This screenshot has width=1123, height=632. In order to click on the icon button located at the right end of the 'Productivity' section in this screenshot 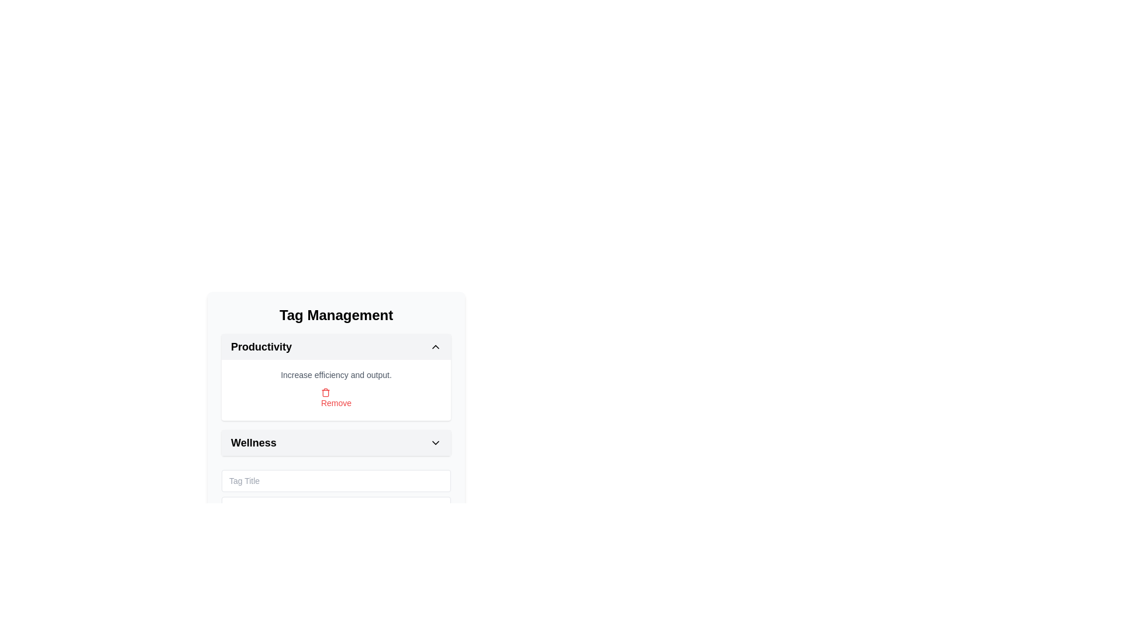, I will do `click(435, 346)`.